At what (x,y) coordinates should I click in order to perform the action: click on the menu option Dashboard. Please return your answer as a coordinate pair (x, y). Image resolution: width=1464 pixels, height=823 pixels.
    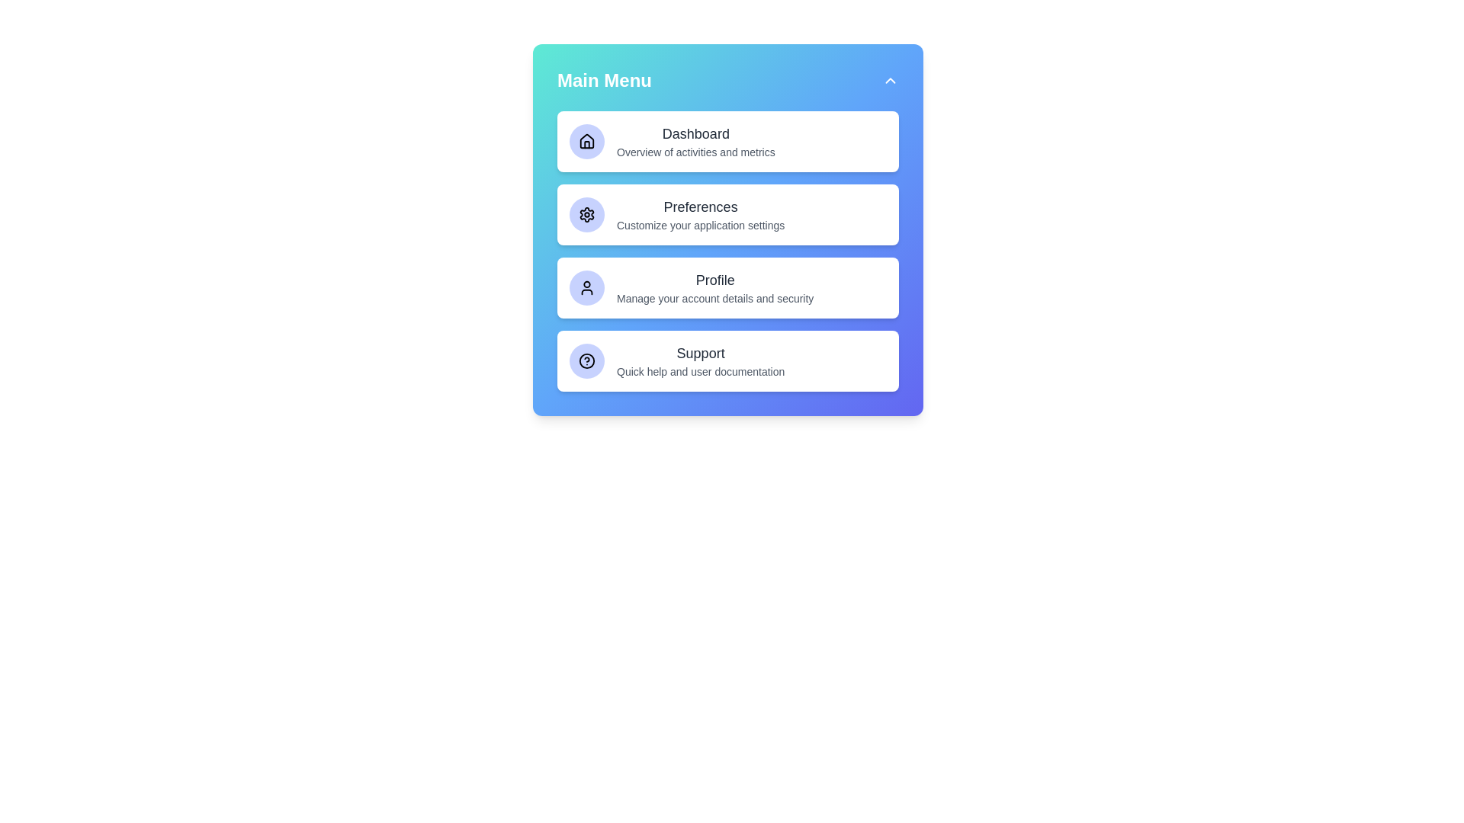
    Looking at the image, I should click on (727, 141).